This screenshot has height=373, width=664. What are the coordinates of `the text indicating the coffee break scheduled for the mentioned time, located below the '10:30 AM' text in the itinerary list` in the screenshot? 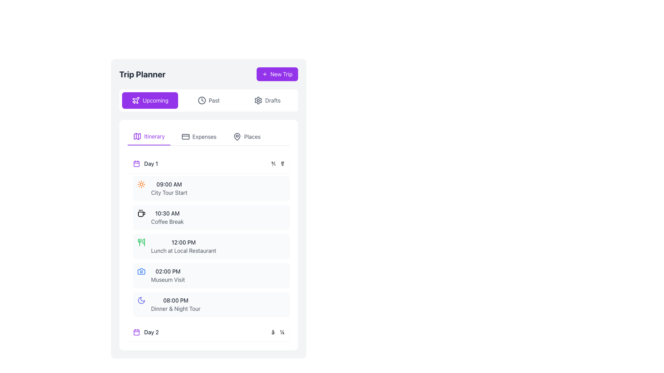 It's located at (167, 221).